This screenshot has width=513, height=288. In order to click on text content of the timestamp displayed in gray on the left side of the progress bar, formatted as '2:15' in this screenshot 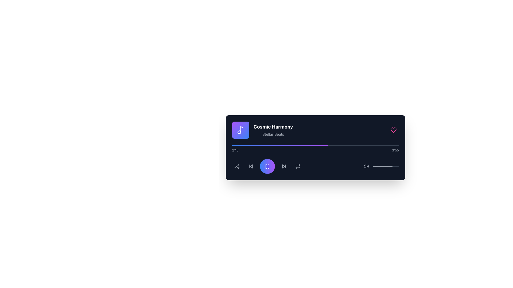, I will do `click(235, 150)`.